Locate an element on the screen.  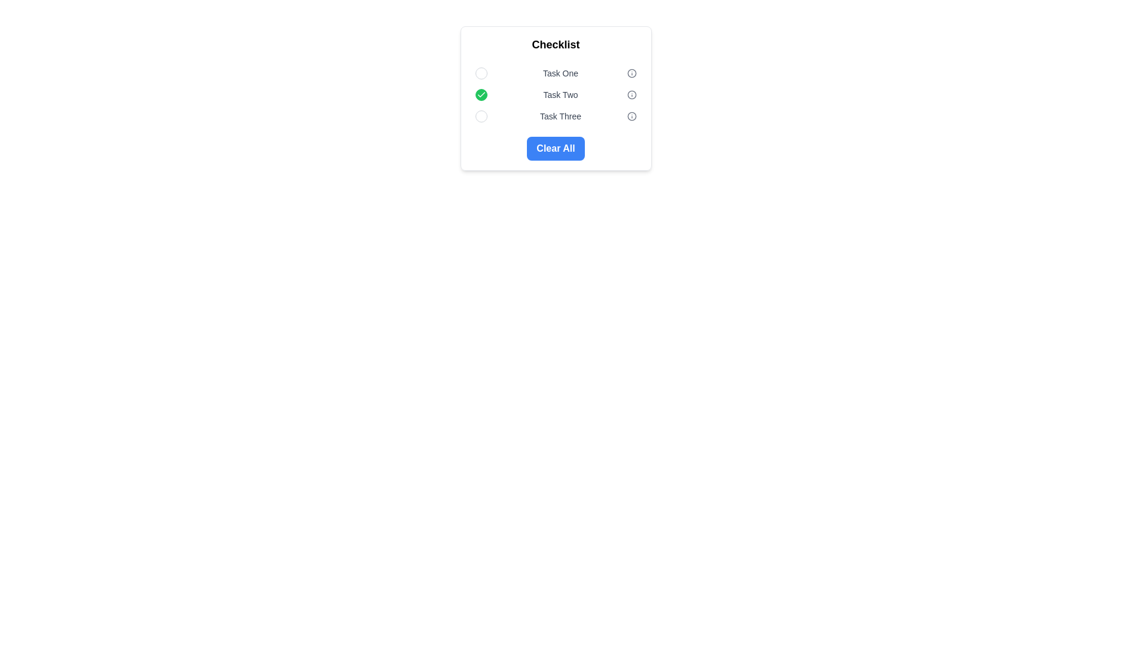
the SVG circle component, which is a gray-outlined circular shape indicating a non-interactive status, located in the rightmost area of the second line related to 'Task Two' in the checklist is located at coordinates (631, 94).